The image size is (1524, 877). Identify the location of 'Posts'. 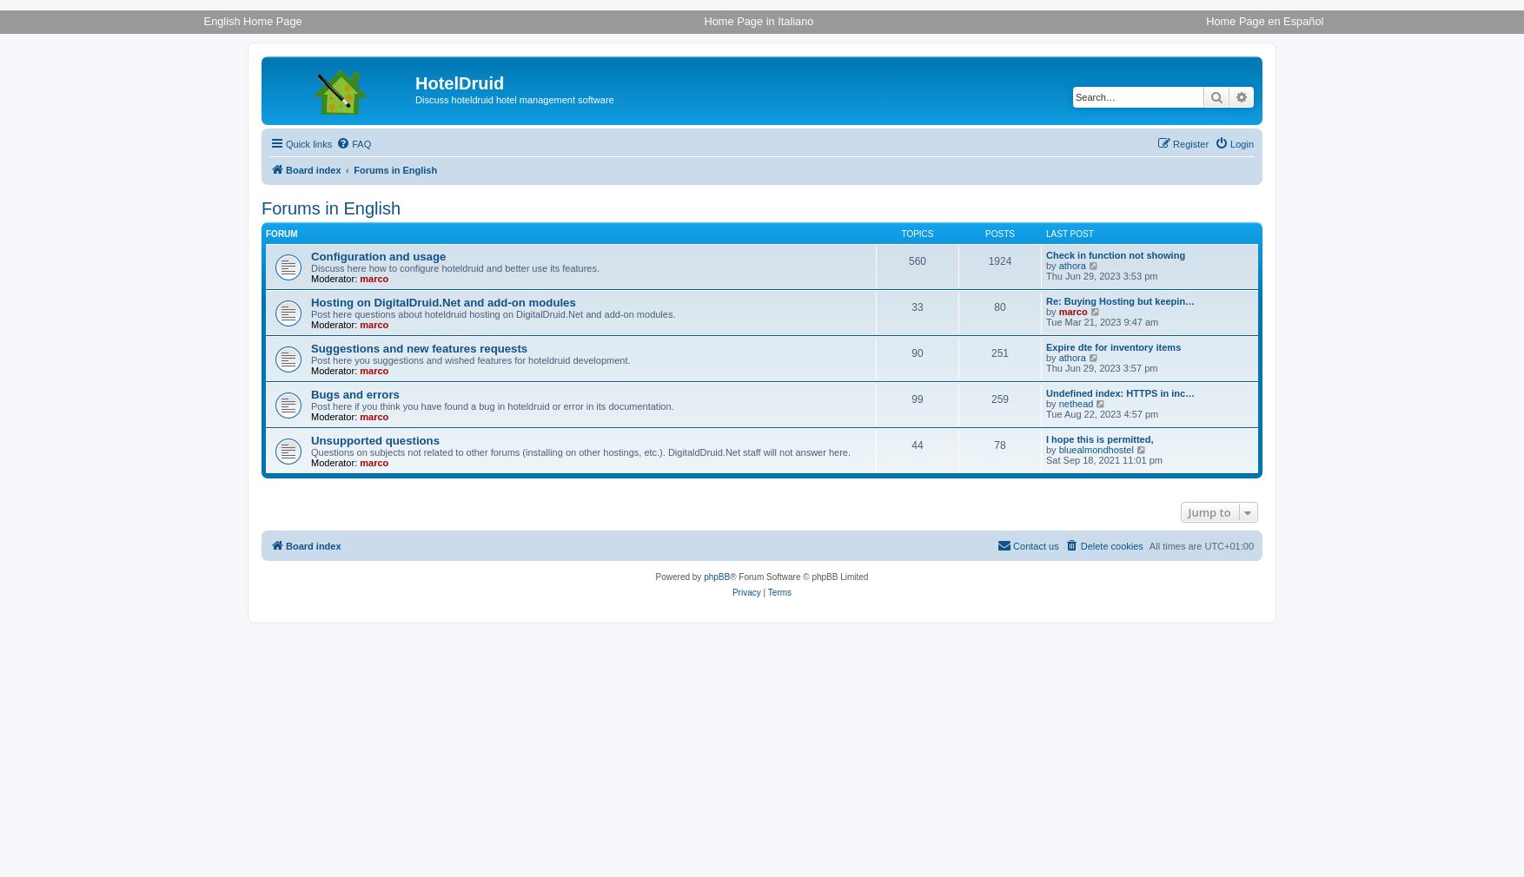
(998, 234).